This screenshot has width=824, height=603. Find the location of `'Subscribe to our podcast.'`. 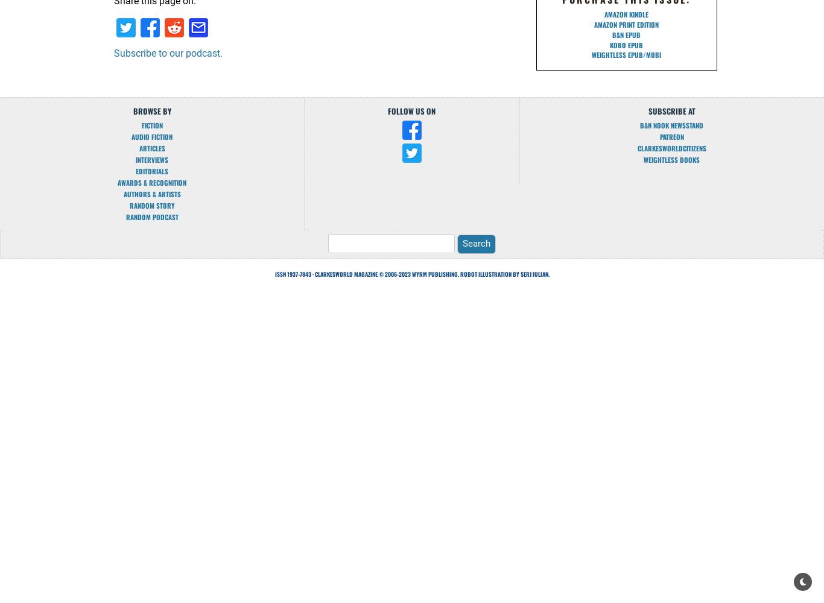

'Subscribe to our podcast.' is located at coordinates (167, 52).